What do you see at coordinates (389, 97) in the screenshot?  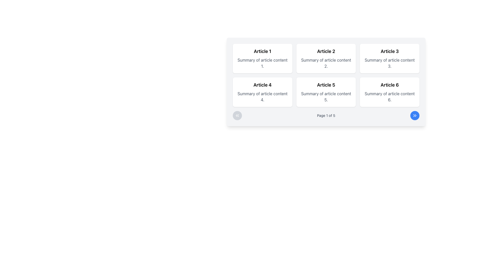 I see `secondary text block that reads 'Summary of article content 6.' located beneath the title 'Article 6' in the bottom right card of a 2x3 grid` at bounding box center [389, 97].